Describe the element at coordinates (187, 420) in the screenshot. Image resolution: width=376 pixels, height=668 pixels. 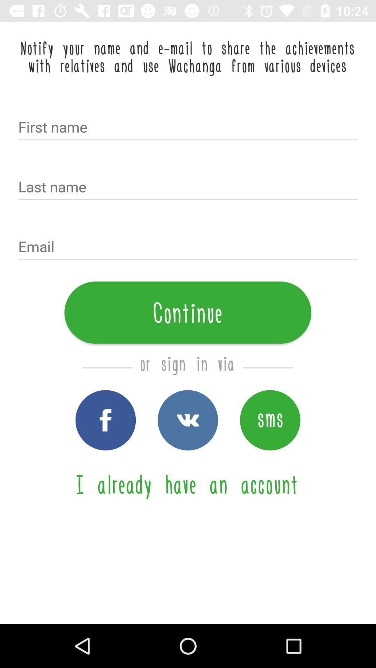
I see `wachanga icon` at that location.